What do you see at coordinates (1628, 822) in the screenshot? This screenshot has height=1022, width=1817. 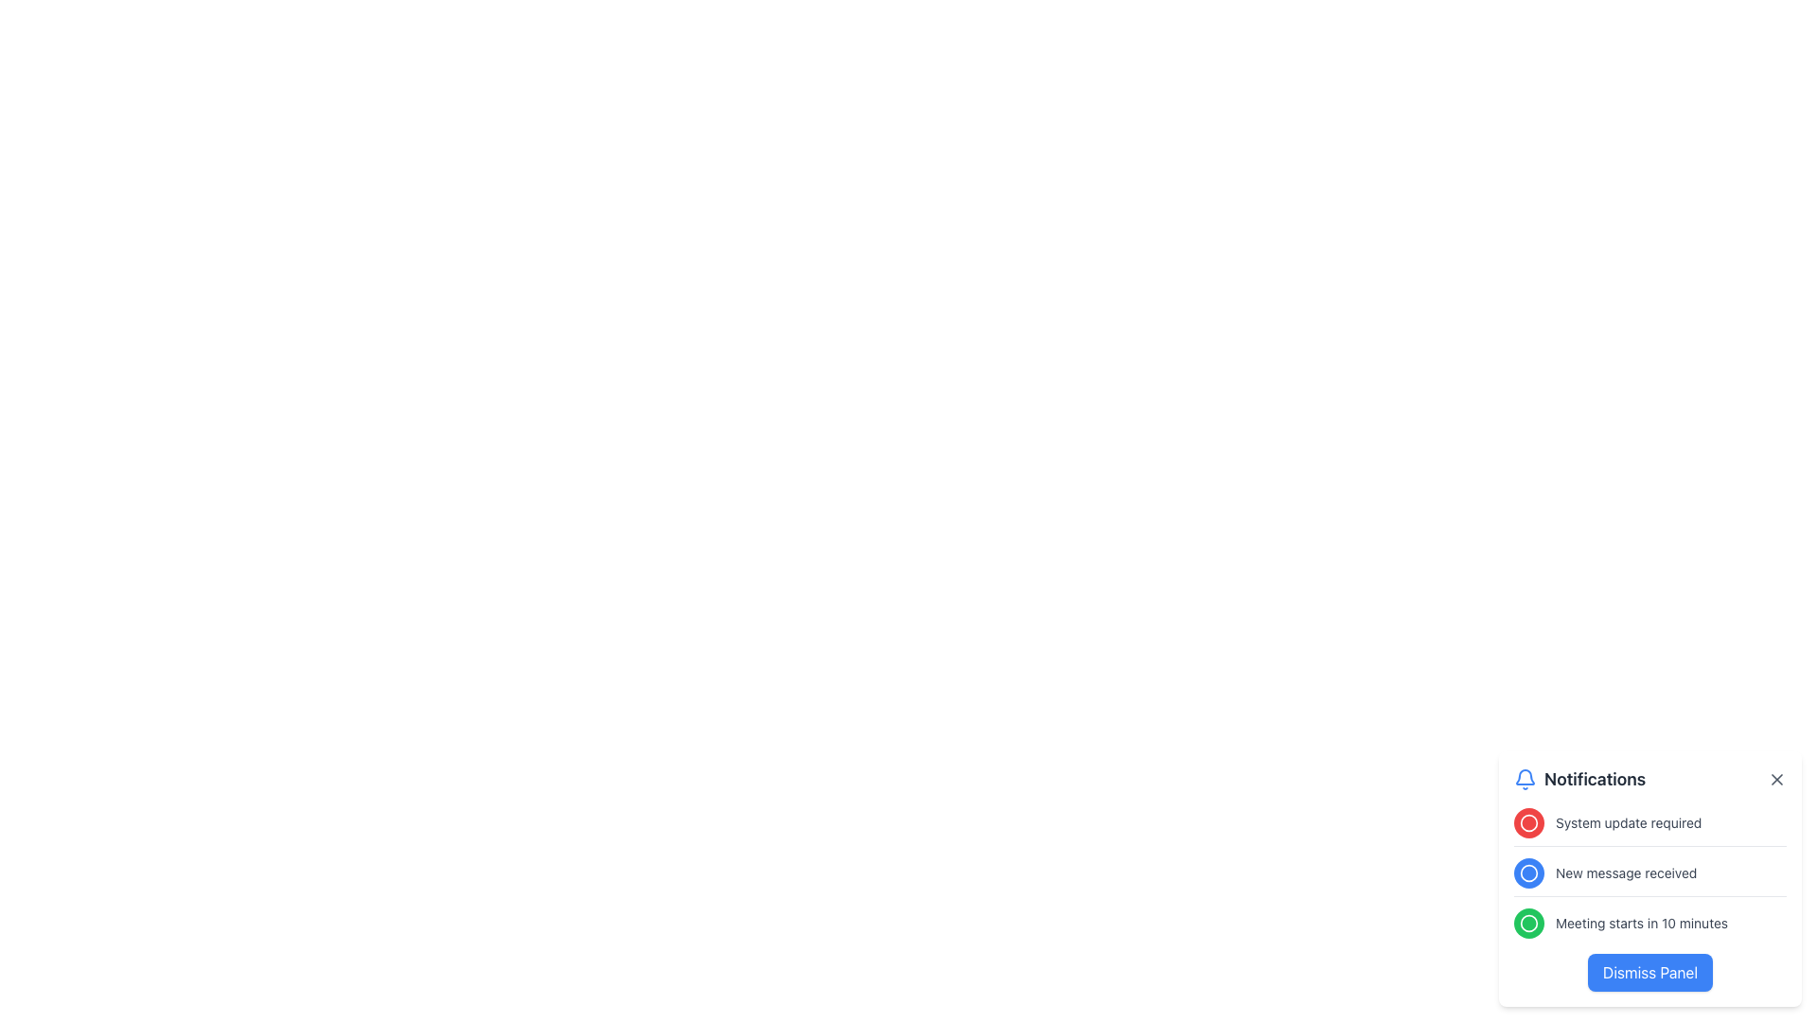 I see `the notification message titled 'System update required' located in the notification panel, positioned next to a red circular warning icon` at bounding box center [1628, 822].